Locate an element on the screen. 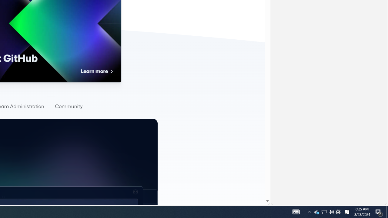  'Class: octicon arrow-symbol-mktg octicon' is located at coordinates (111, 71).